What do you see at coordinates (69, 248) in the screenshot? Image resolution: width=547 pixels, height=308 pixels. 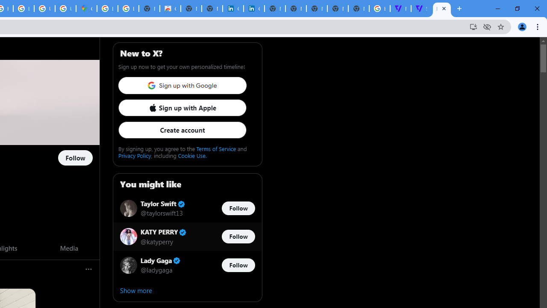 I see `'Media'` at bounding box center [69, 248].